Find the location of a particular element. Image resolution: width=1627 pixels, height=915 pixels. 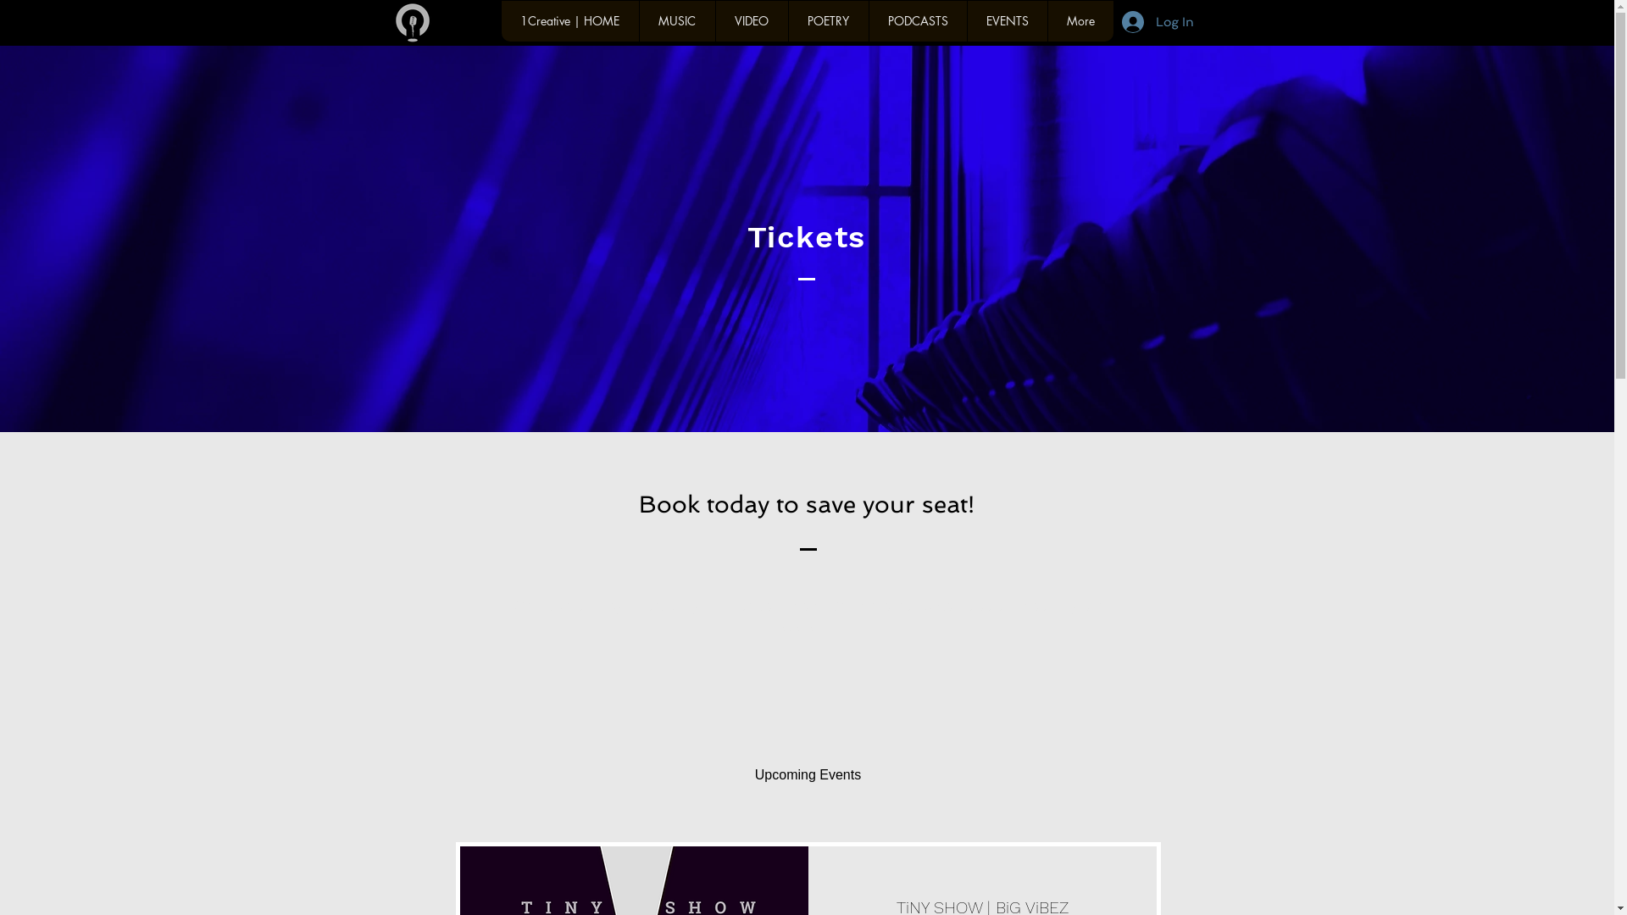

'Log In' is located at coordinates (1157, 22).